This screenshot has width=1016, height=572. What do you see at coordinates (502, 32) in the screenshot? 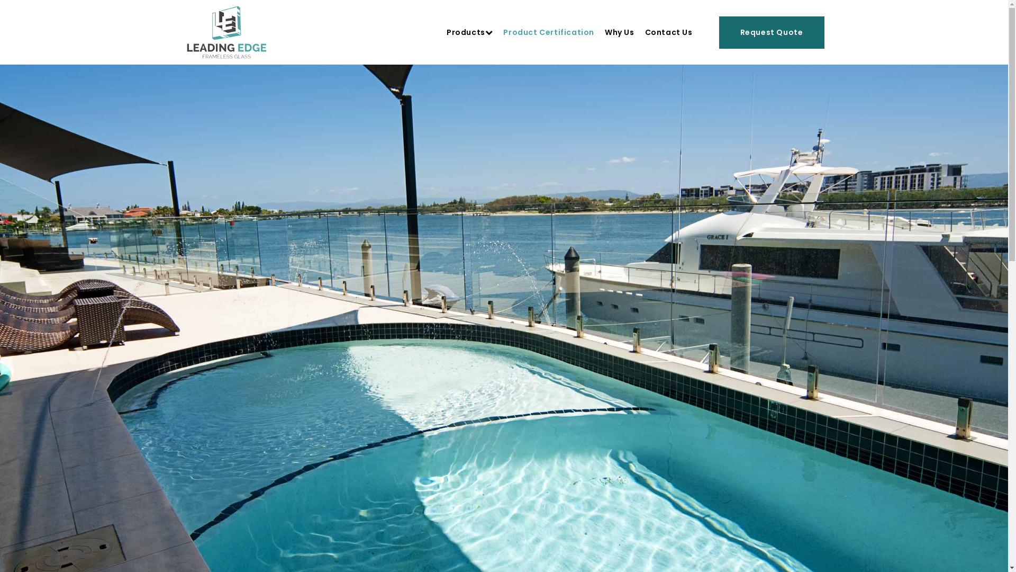
I see `'Product Certification'` at bounding box center [502, 32].